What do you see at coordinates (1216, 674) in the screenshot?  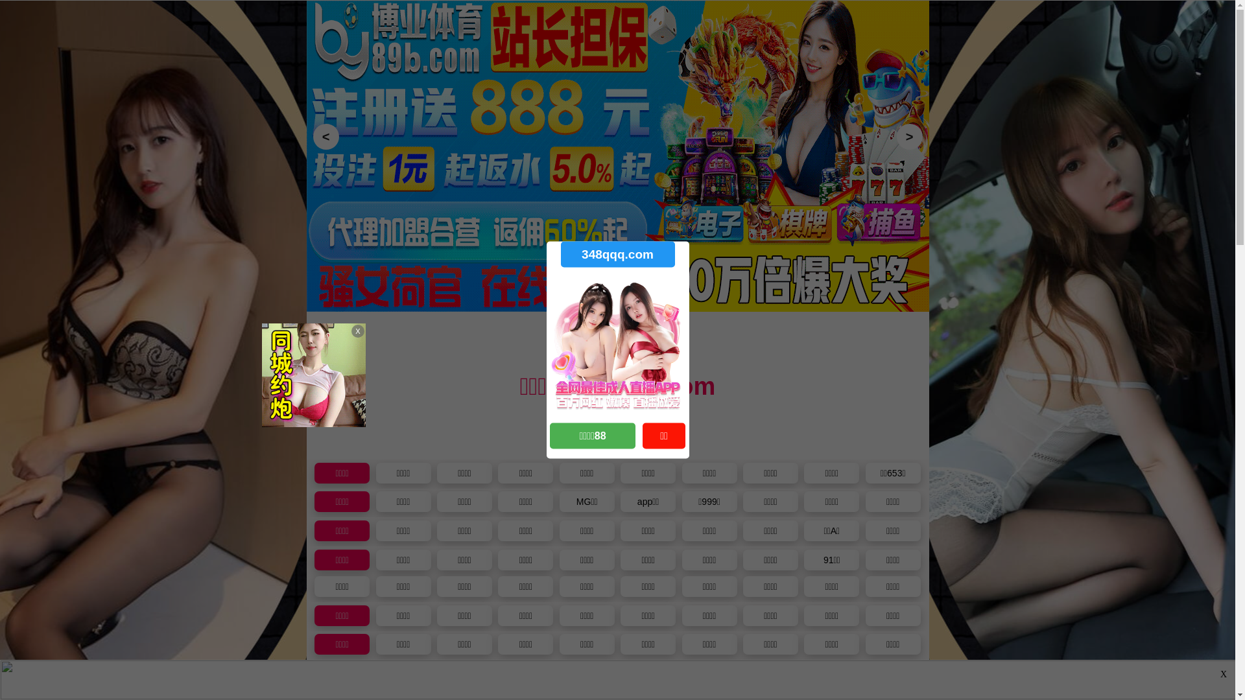 I see `'X'` at bounding box center [1216, 674].